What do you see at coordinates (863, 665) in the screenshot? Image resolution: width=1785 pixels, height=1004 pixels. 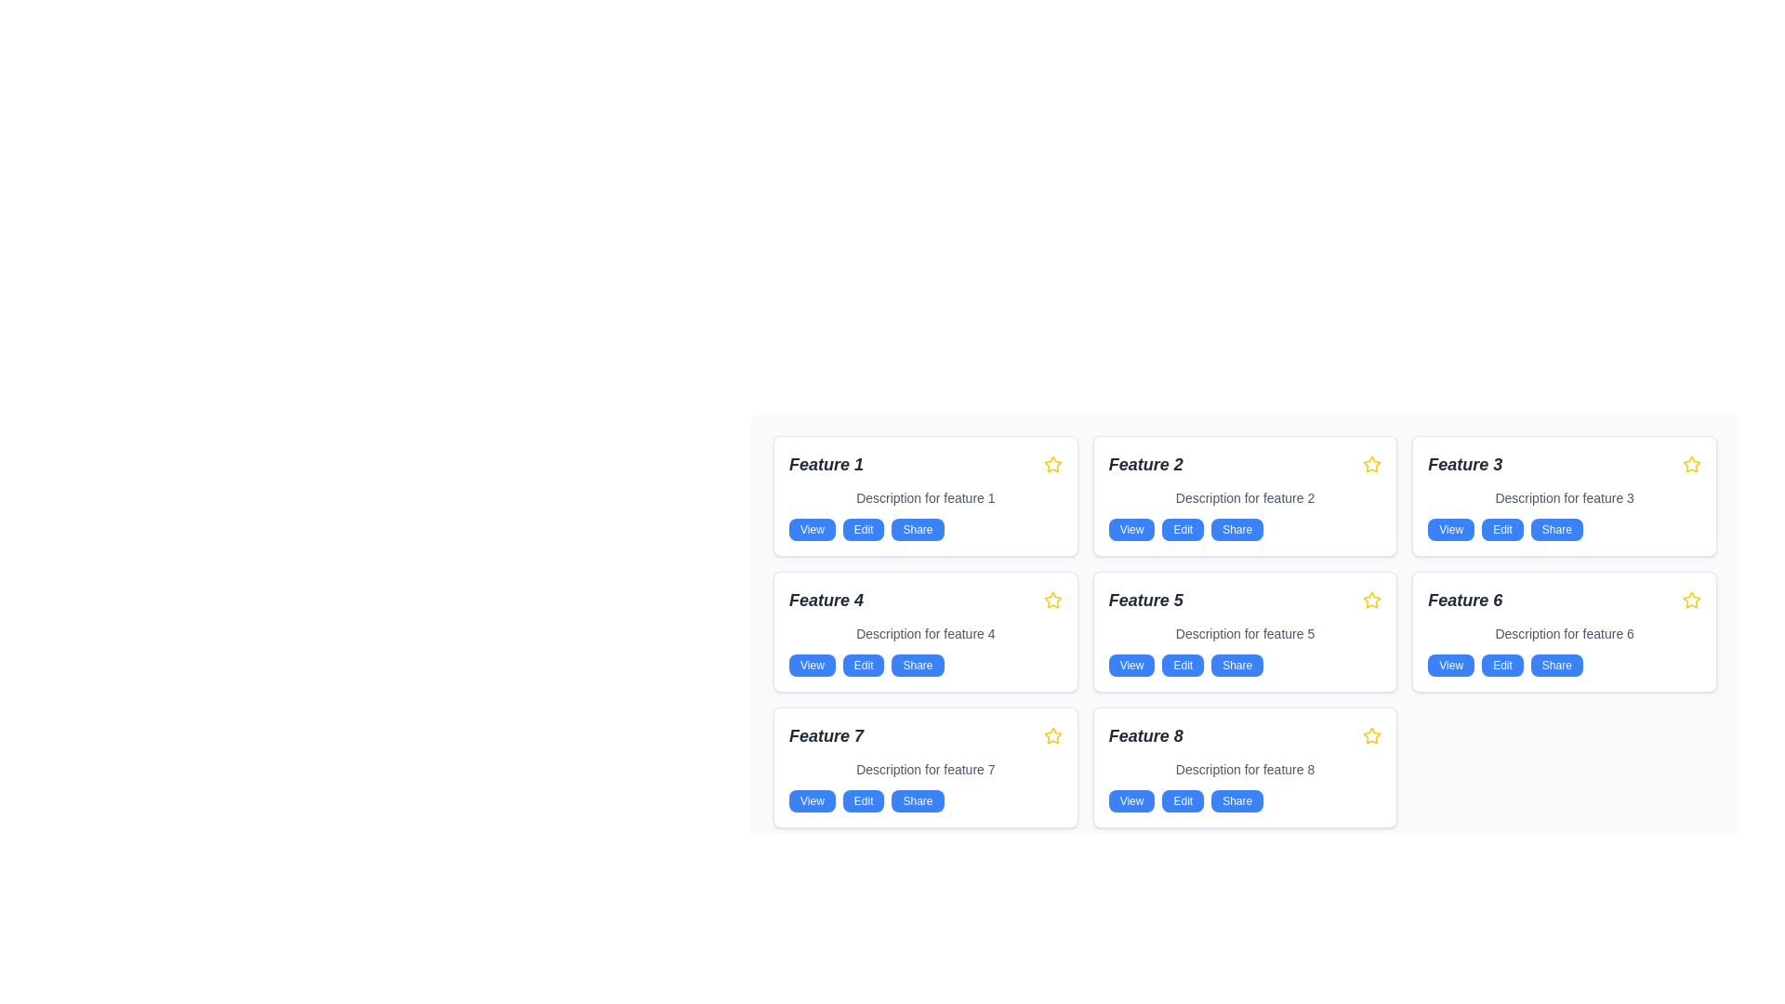 I see `the blue 'Edit' button with rounded edges to observe the hover effect` at bounding box center [863, 665].